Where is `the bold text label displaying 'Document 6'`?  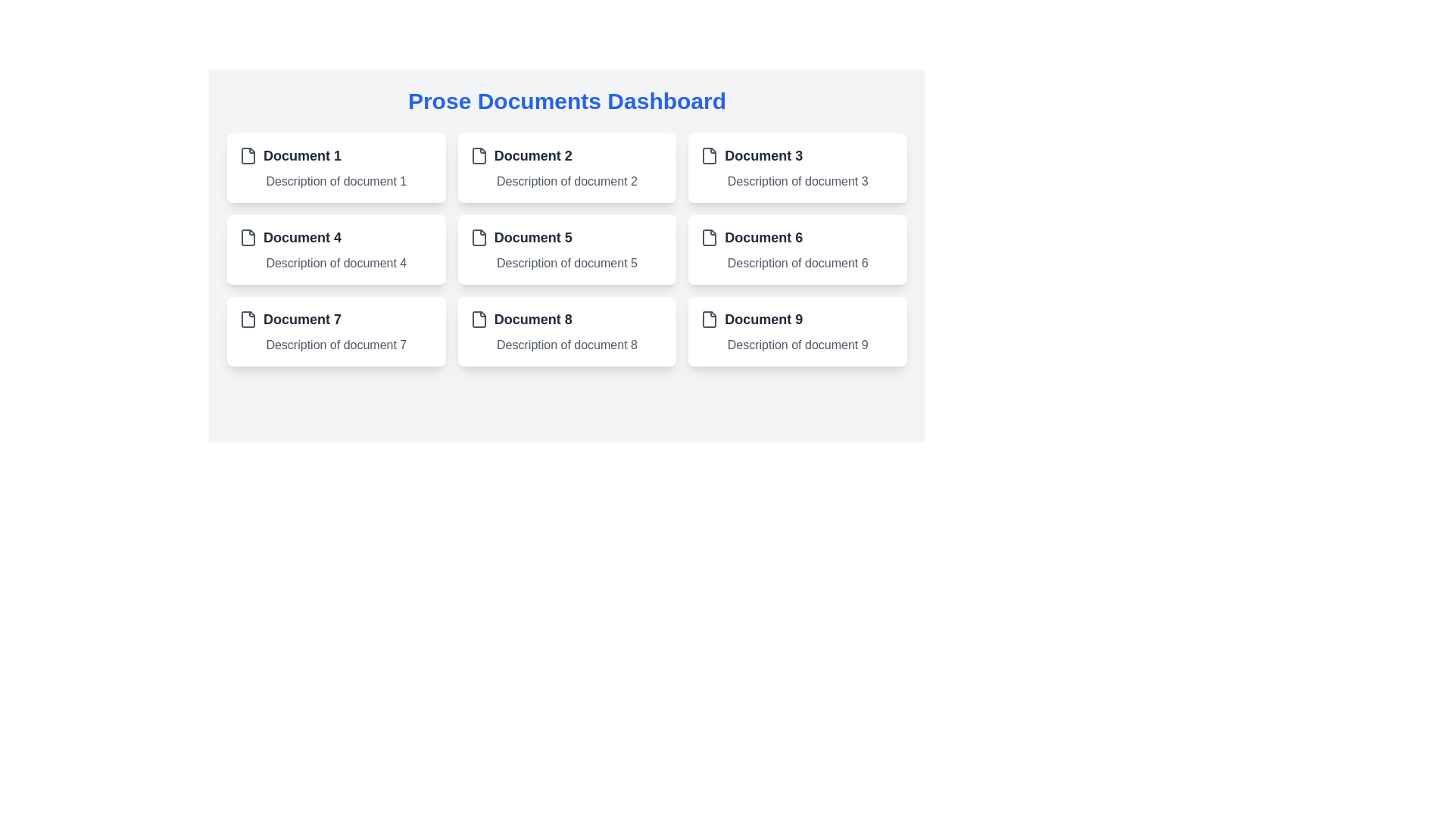 the bold text label displaying 'Document 6' is located at coordinates (797, 237).